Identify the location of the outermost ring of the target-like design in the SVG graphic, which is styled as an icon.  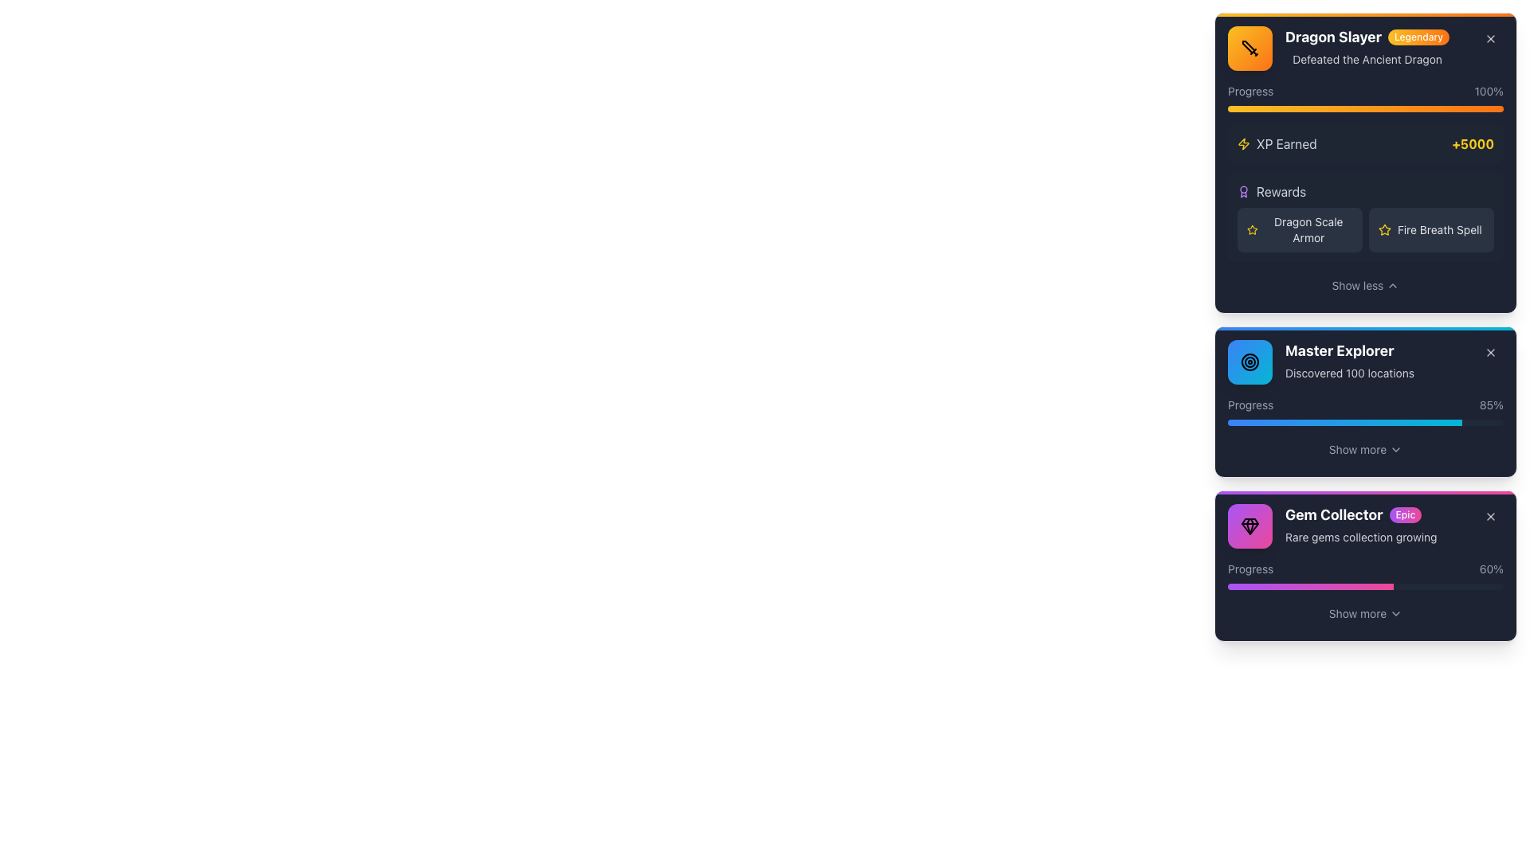
(1249, 362).